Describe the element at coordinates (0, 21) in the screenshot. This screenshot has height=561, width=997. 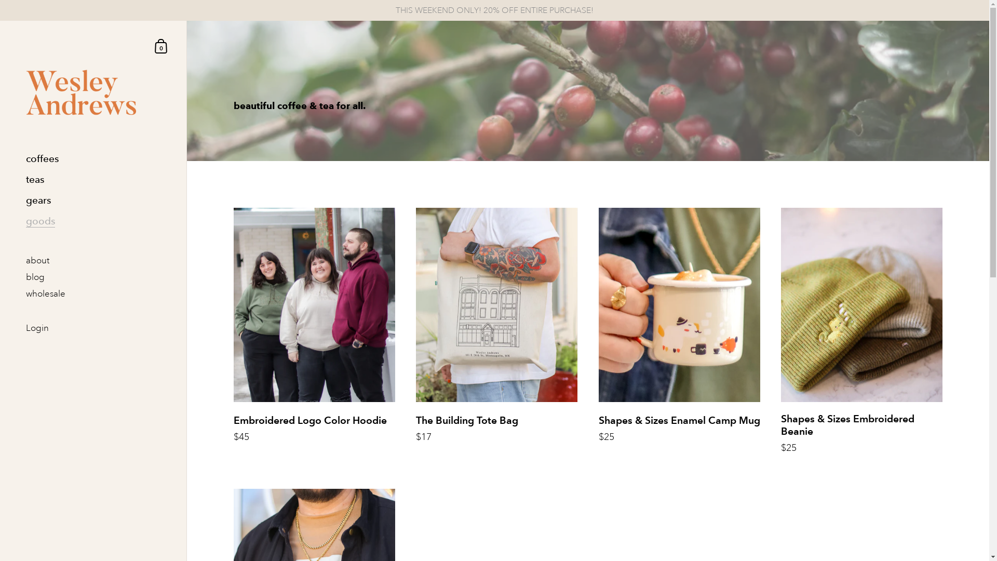
I see `'Skip to content'` at that location.